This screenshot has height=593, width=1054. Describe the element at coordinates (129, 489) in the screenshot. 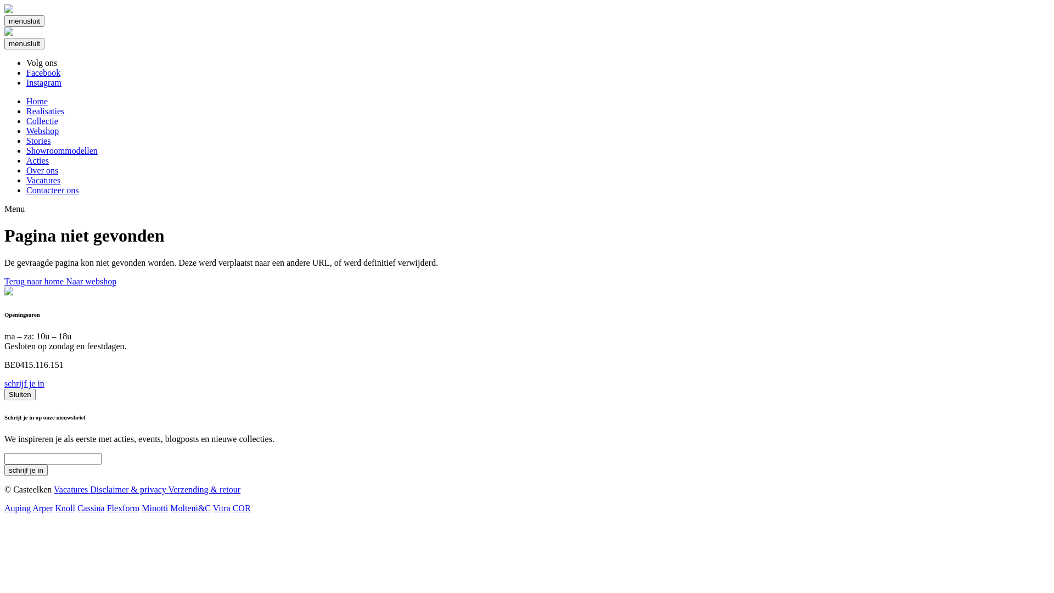

I see `'Disclaimer & privacy'` at that location.